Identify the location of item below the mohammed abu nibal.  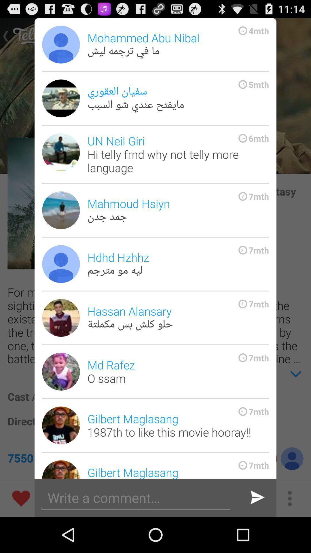
(178, 98).